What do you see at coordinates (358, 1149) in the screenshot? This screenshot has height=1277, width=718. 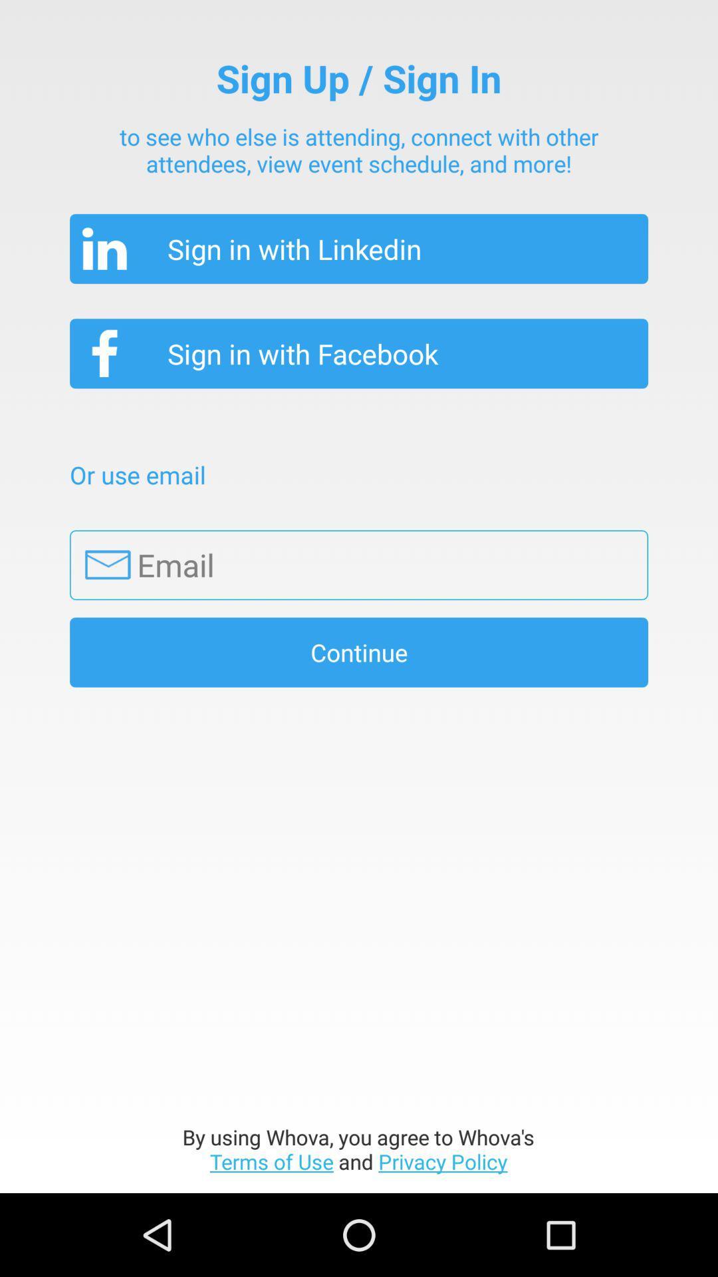 I see `by using whova item` at bounding box center [358, 1149].